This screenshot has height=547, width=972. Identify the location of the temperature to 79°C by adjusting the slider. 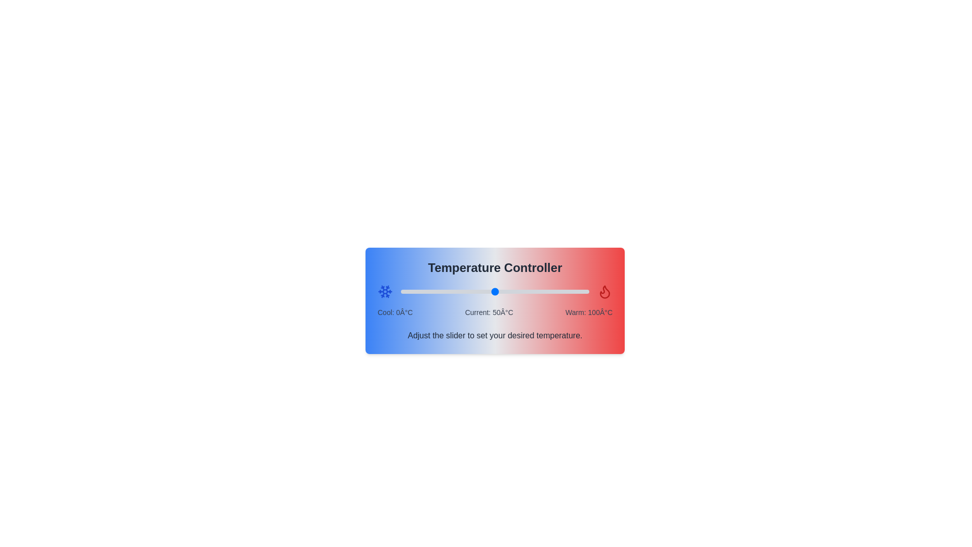
(549, 291).